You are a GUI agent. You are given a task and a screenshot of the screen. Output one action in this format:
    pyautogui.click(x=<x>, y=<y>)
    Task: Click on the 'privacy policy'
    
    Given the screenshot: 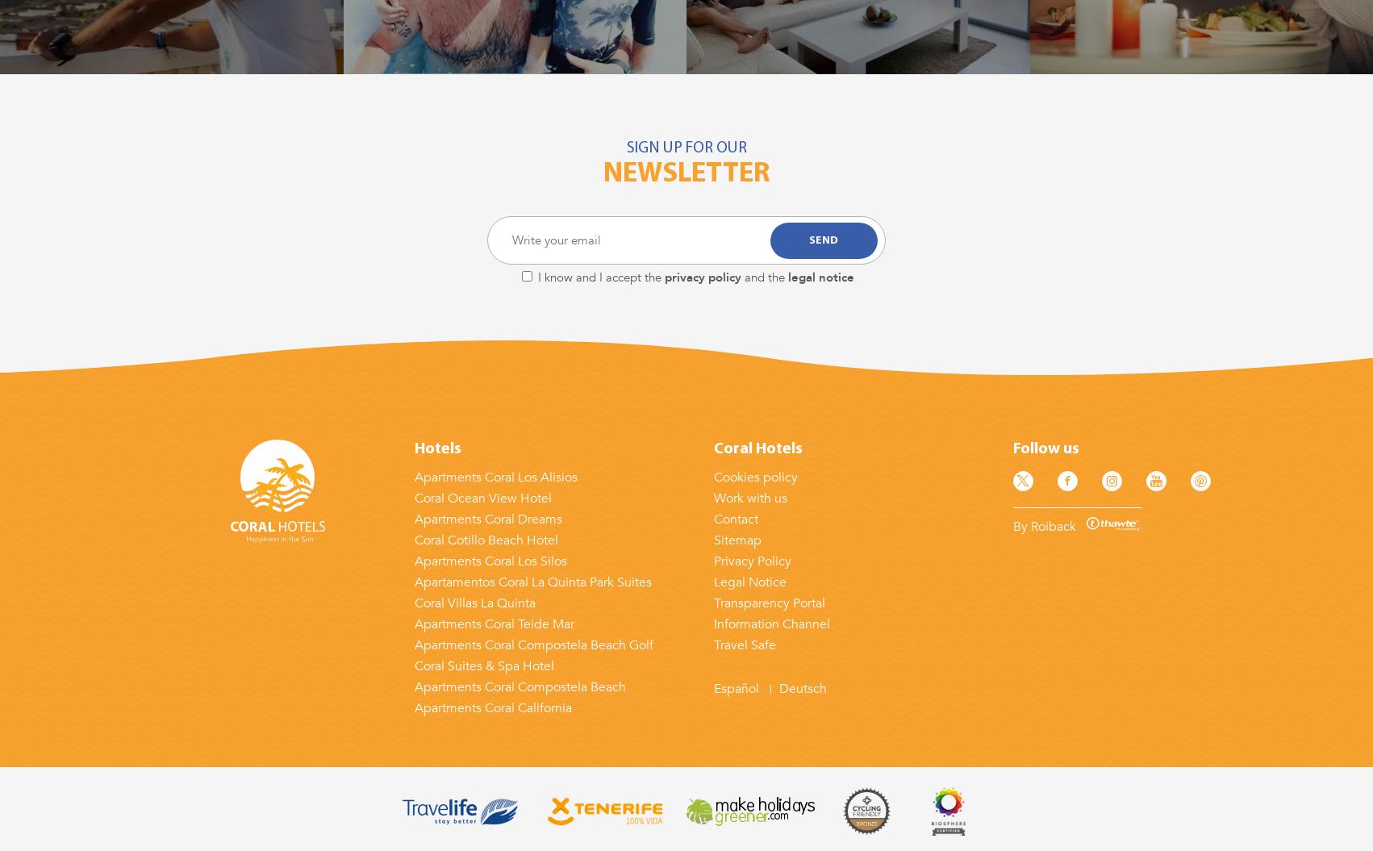 What is the action you would take?
    pyautogui.click(x=703, y=277)
    